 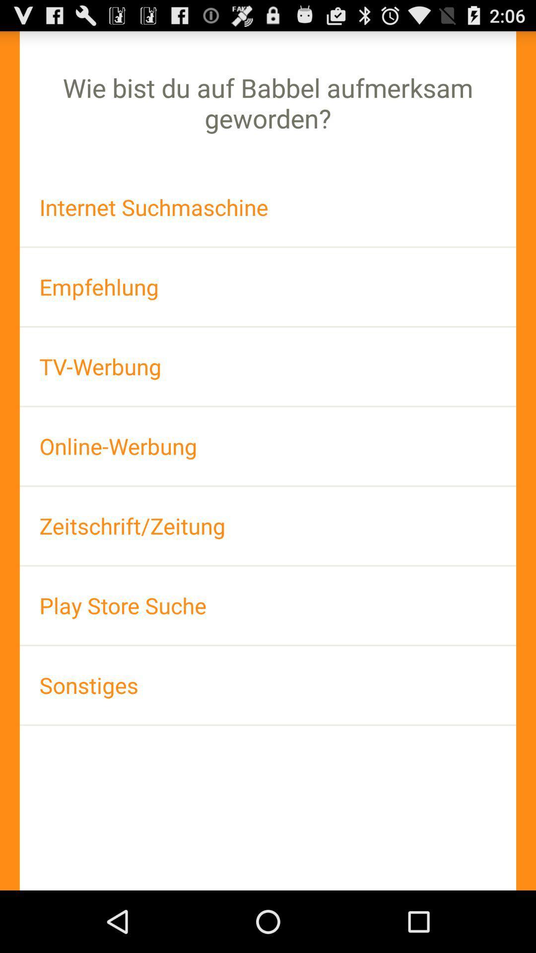 I want to click on item above the play store suche item, so click(x=268, y=525).